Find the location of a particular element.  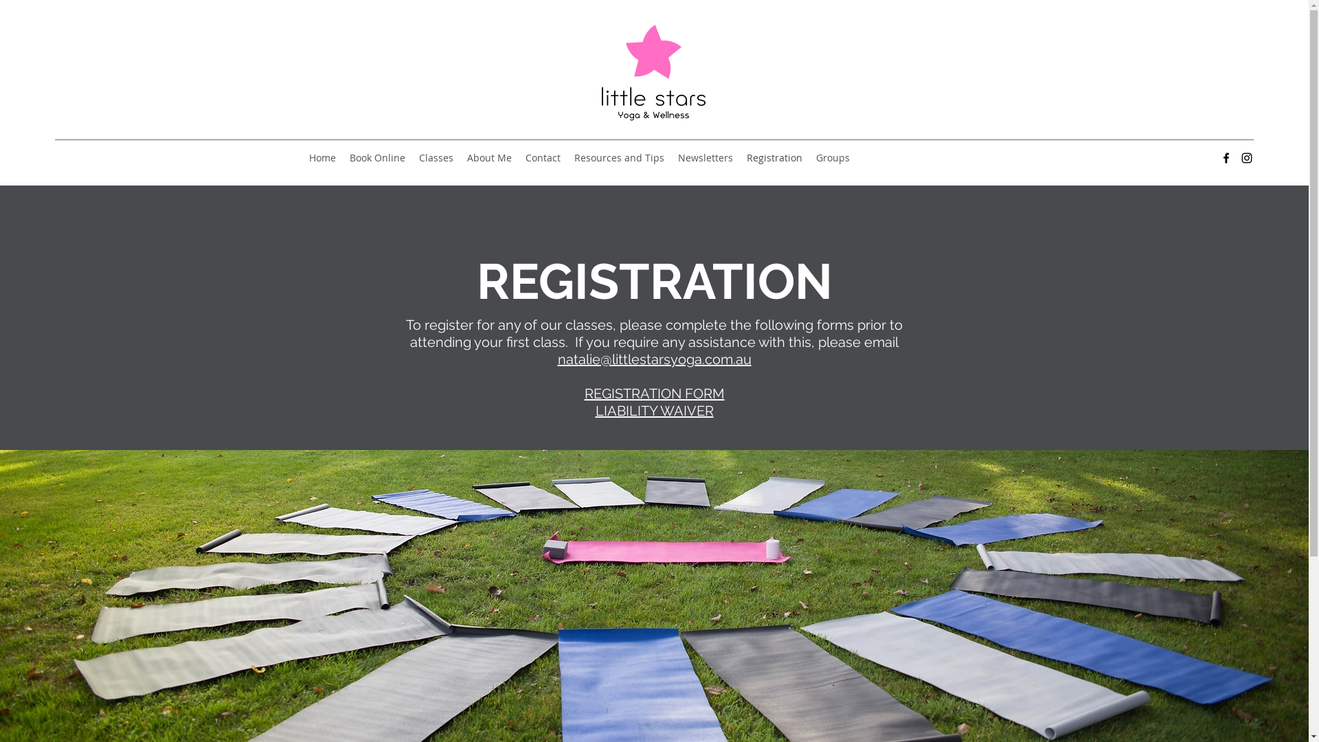

'Home' is located at coordinates (322, 157).